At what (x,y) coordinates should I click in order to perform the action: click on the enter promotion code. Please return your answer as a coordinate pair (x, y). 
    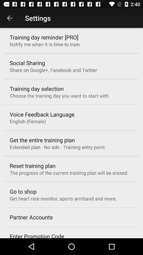
    Looking at the image, I should click on (37, 235).